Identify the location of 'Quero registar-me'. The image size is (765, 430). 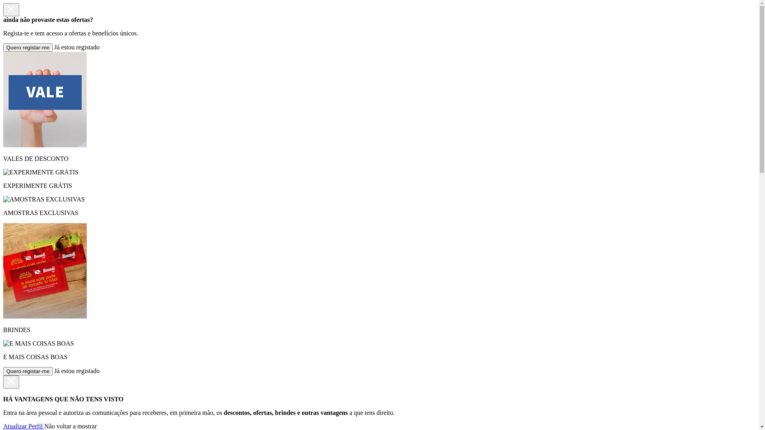
(28, 371).